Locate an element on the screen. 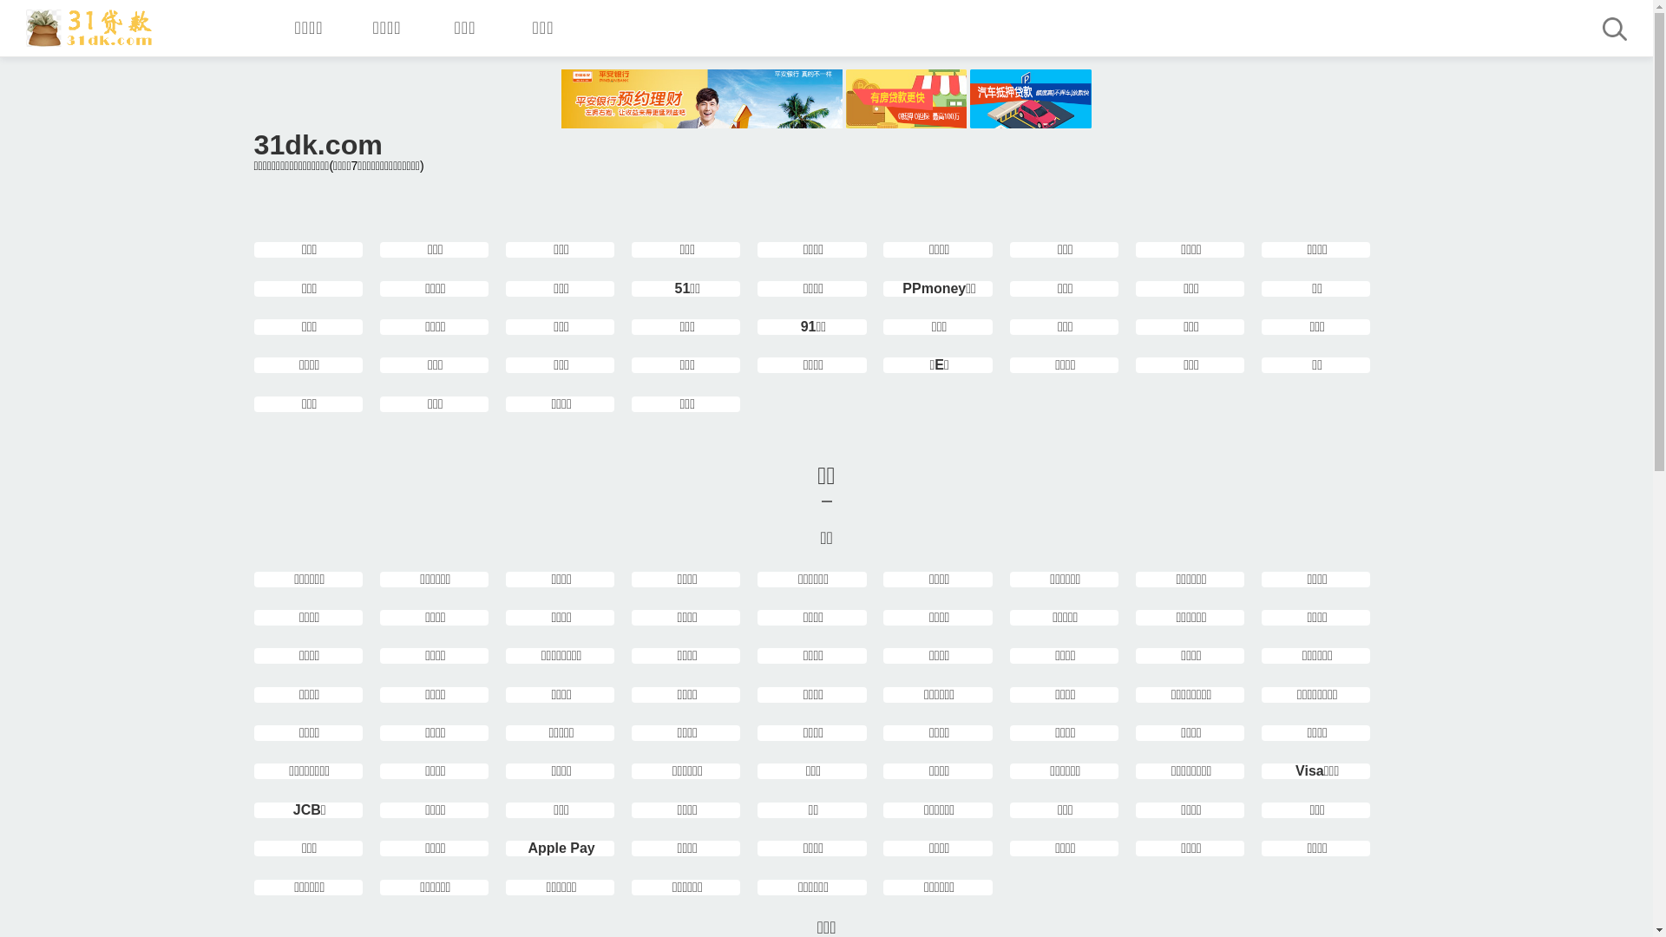  'Apple Pay' is located at coordinates (527, 847).